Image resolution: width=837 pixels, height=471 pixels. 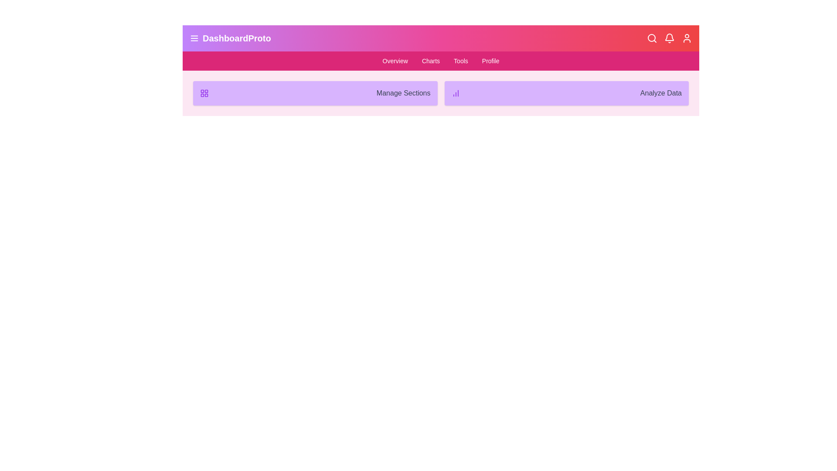 I want to click on the Notifications icon on the right side of the app bar, so click(x=669, y=38).